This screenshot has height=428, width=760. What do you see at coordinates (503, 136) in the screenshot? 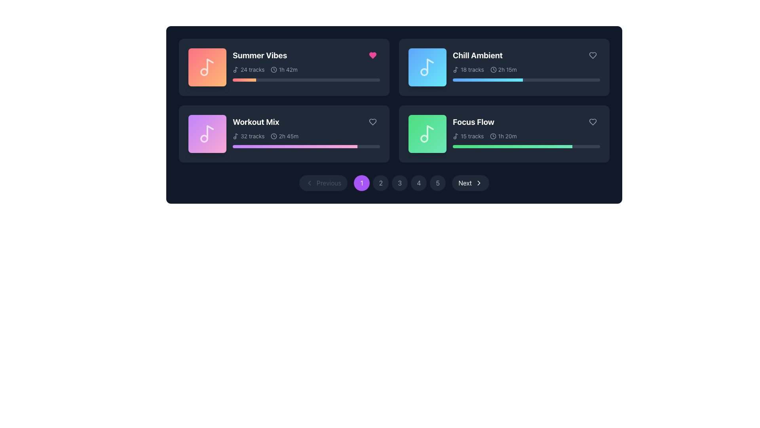
I see `the text element displaying the duration of the playlist in the 'Focus Flow' section, located to the right of '15 tracks' and below the green progress bar` at bounding box center [503, 136].